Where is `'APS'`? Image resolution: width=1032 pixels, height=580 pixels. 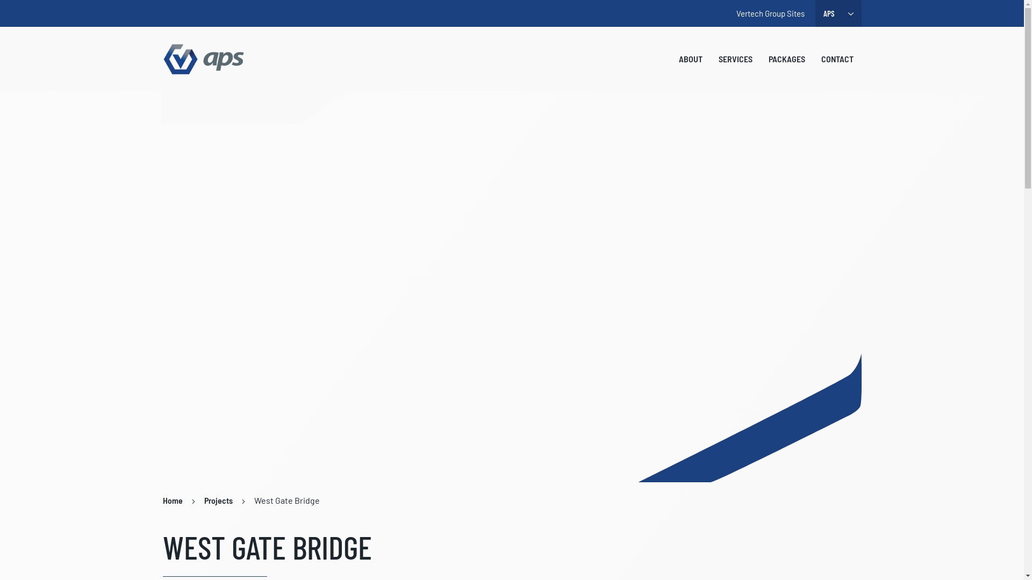 'APS' is located at coordinates (204, 59).